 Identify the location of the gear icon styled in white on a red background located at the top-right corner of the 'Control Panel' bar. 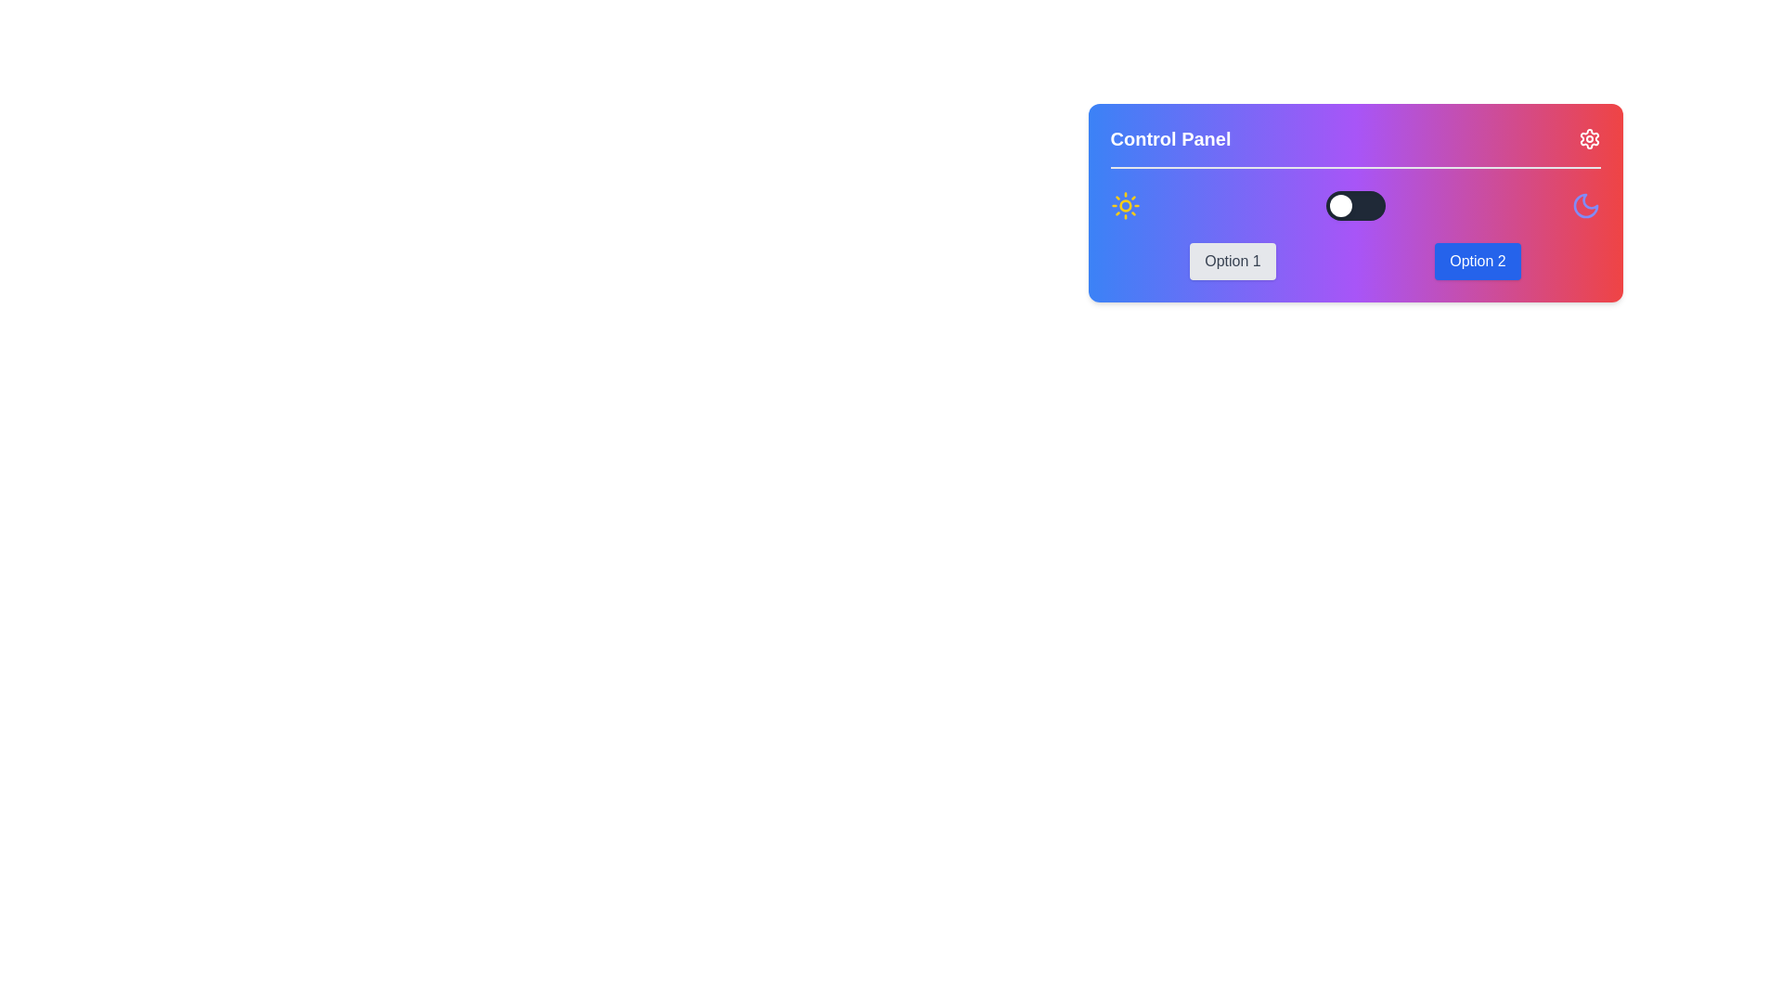
(1588, 138).